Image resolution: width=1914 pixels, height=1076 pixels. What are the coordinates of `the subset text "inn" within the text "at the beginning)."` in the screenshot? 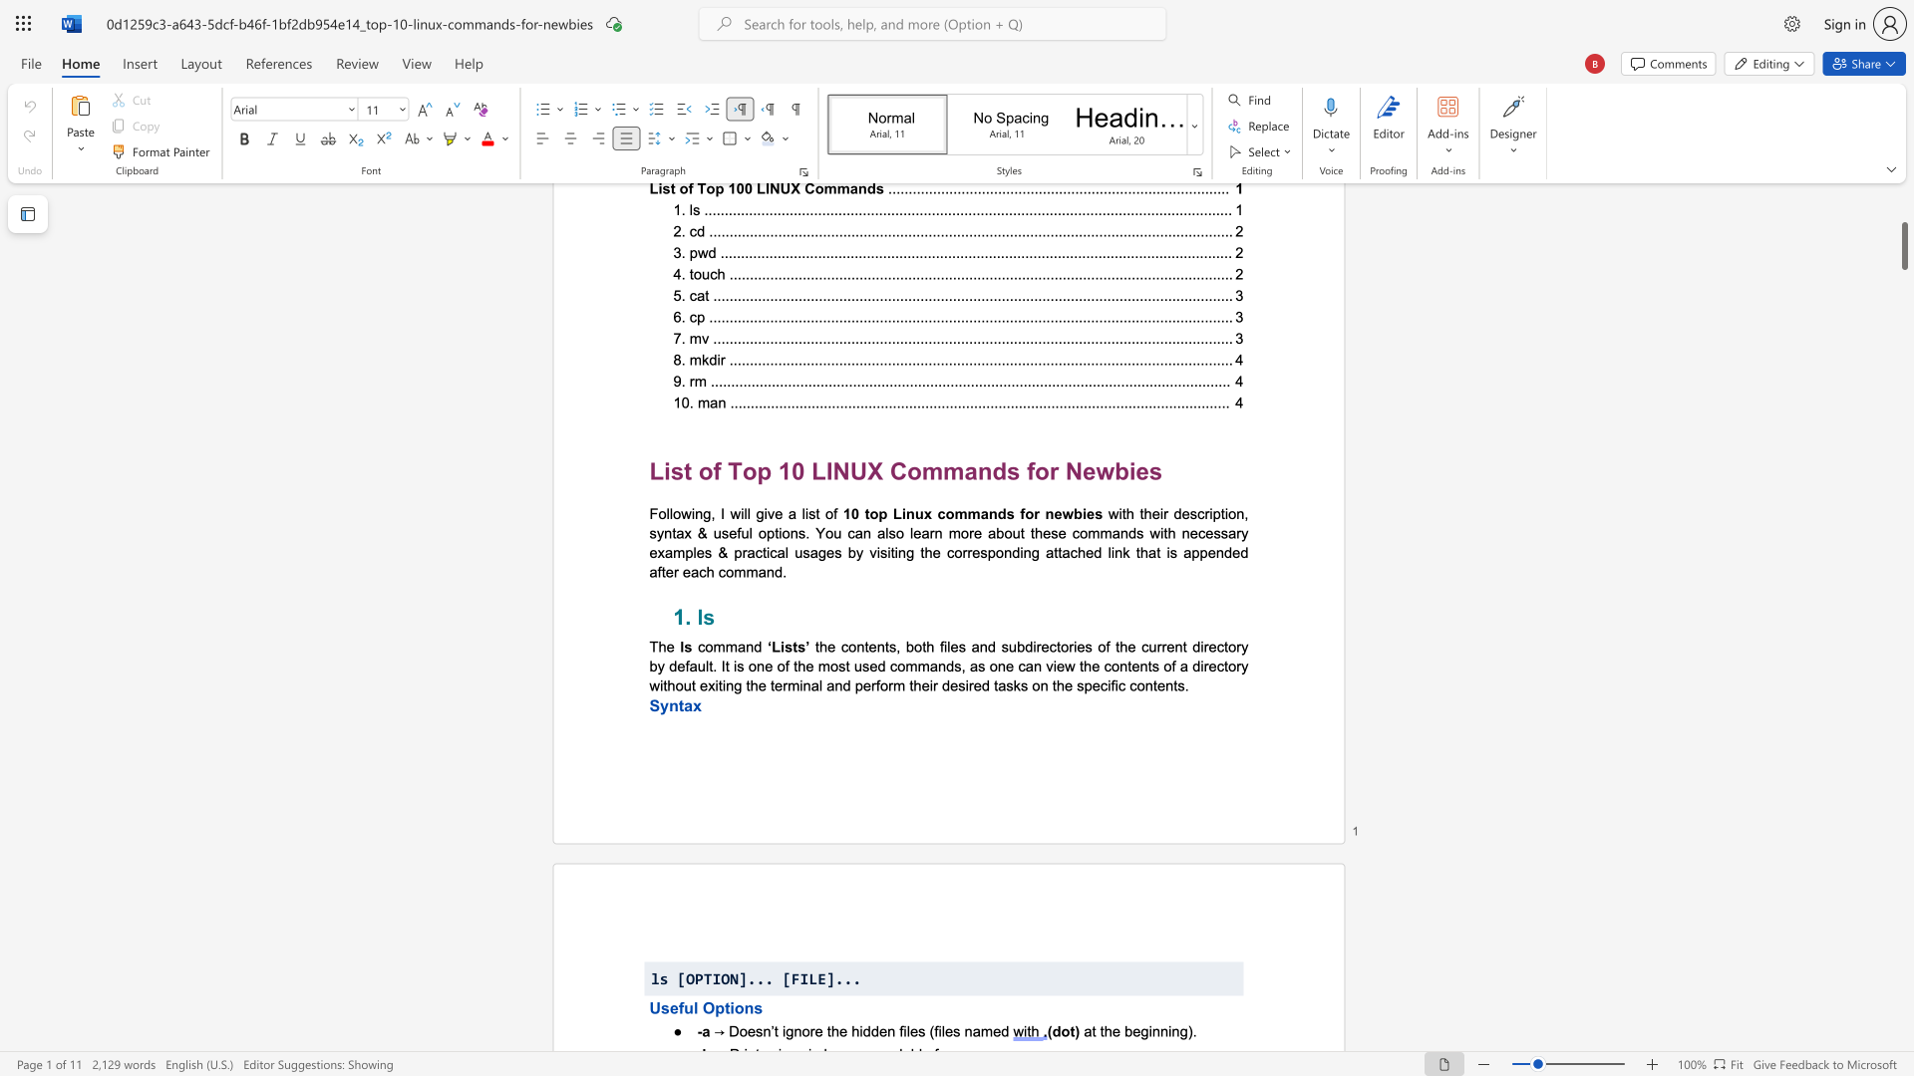 It's located at (1148, 1031).